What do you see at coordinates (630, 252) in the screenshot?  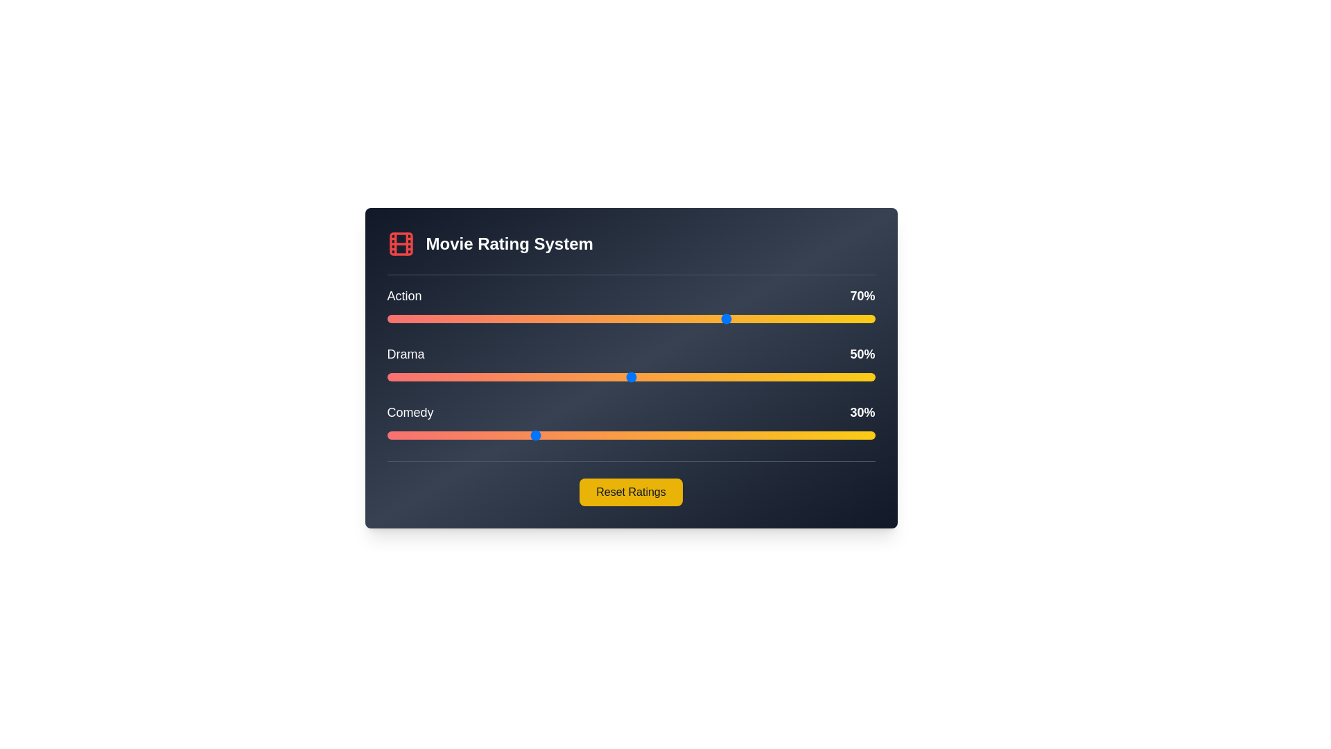 I see `the header labeled 'Movie Rating System' to focus on it` at bounding box center [630, 252].